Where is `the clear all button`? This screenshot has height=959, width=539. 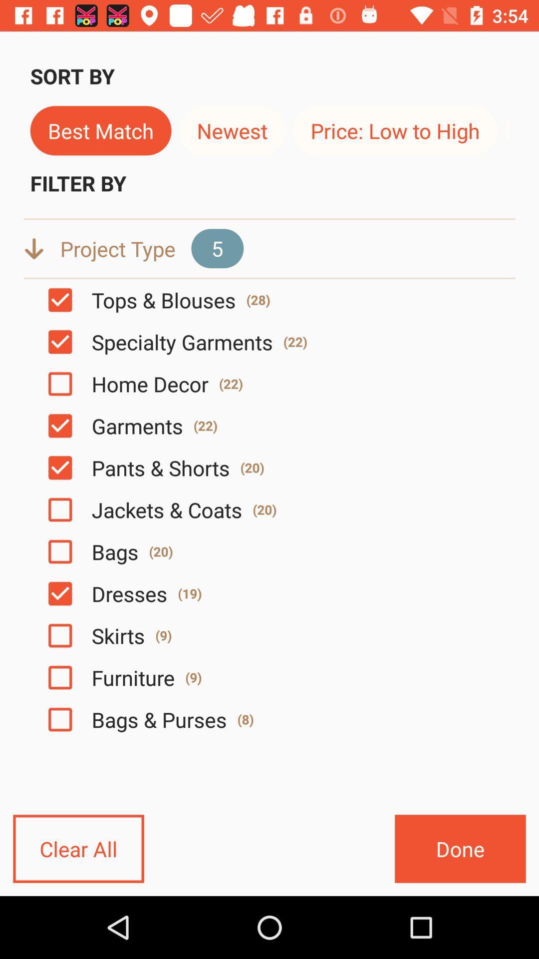
the clear all button is located at coordinates (78, 848).